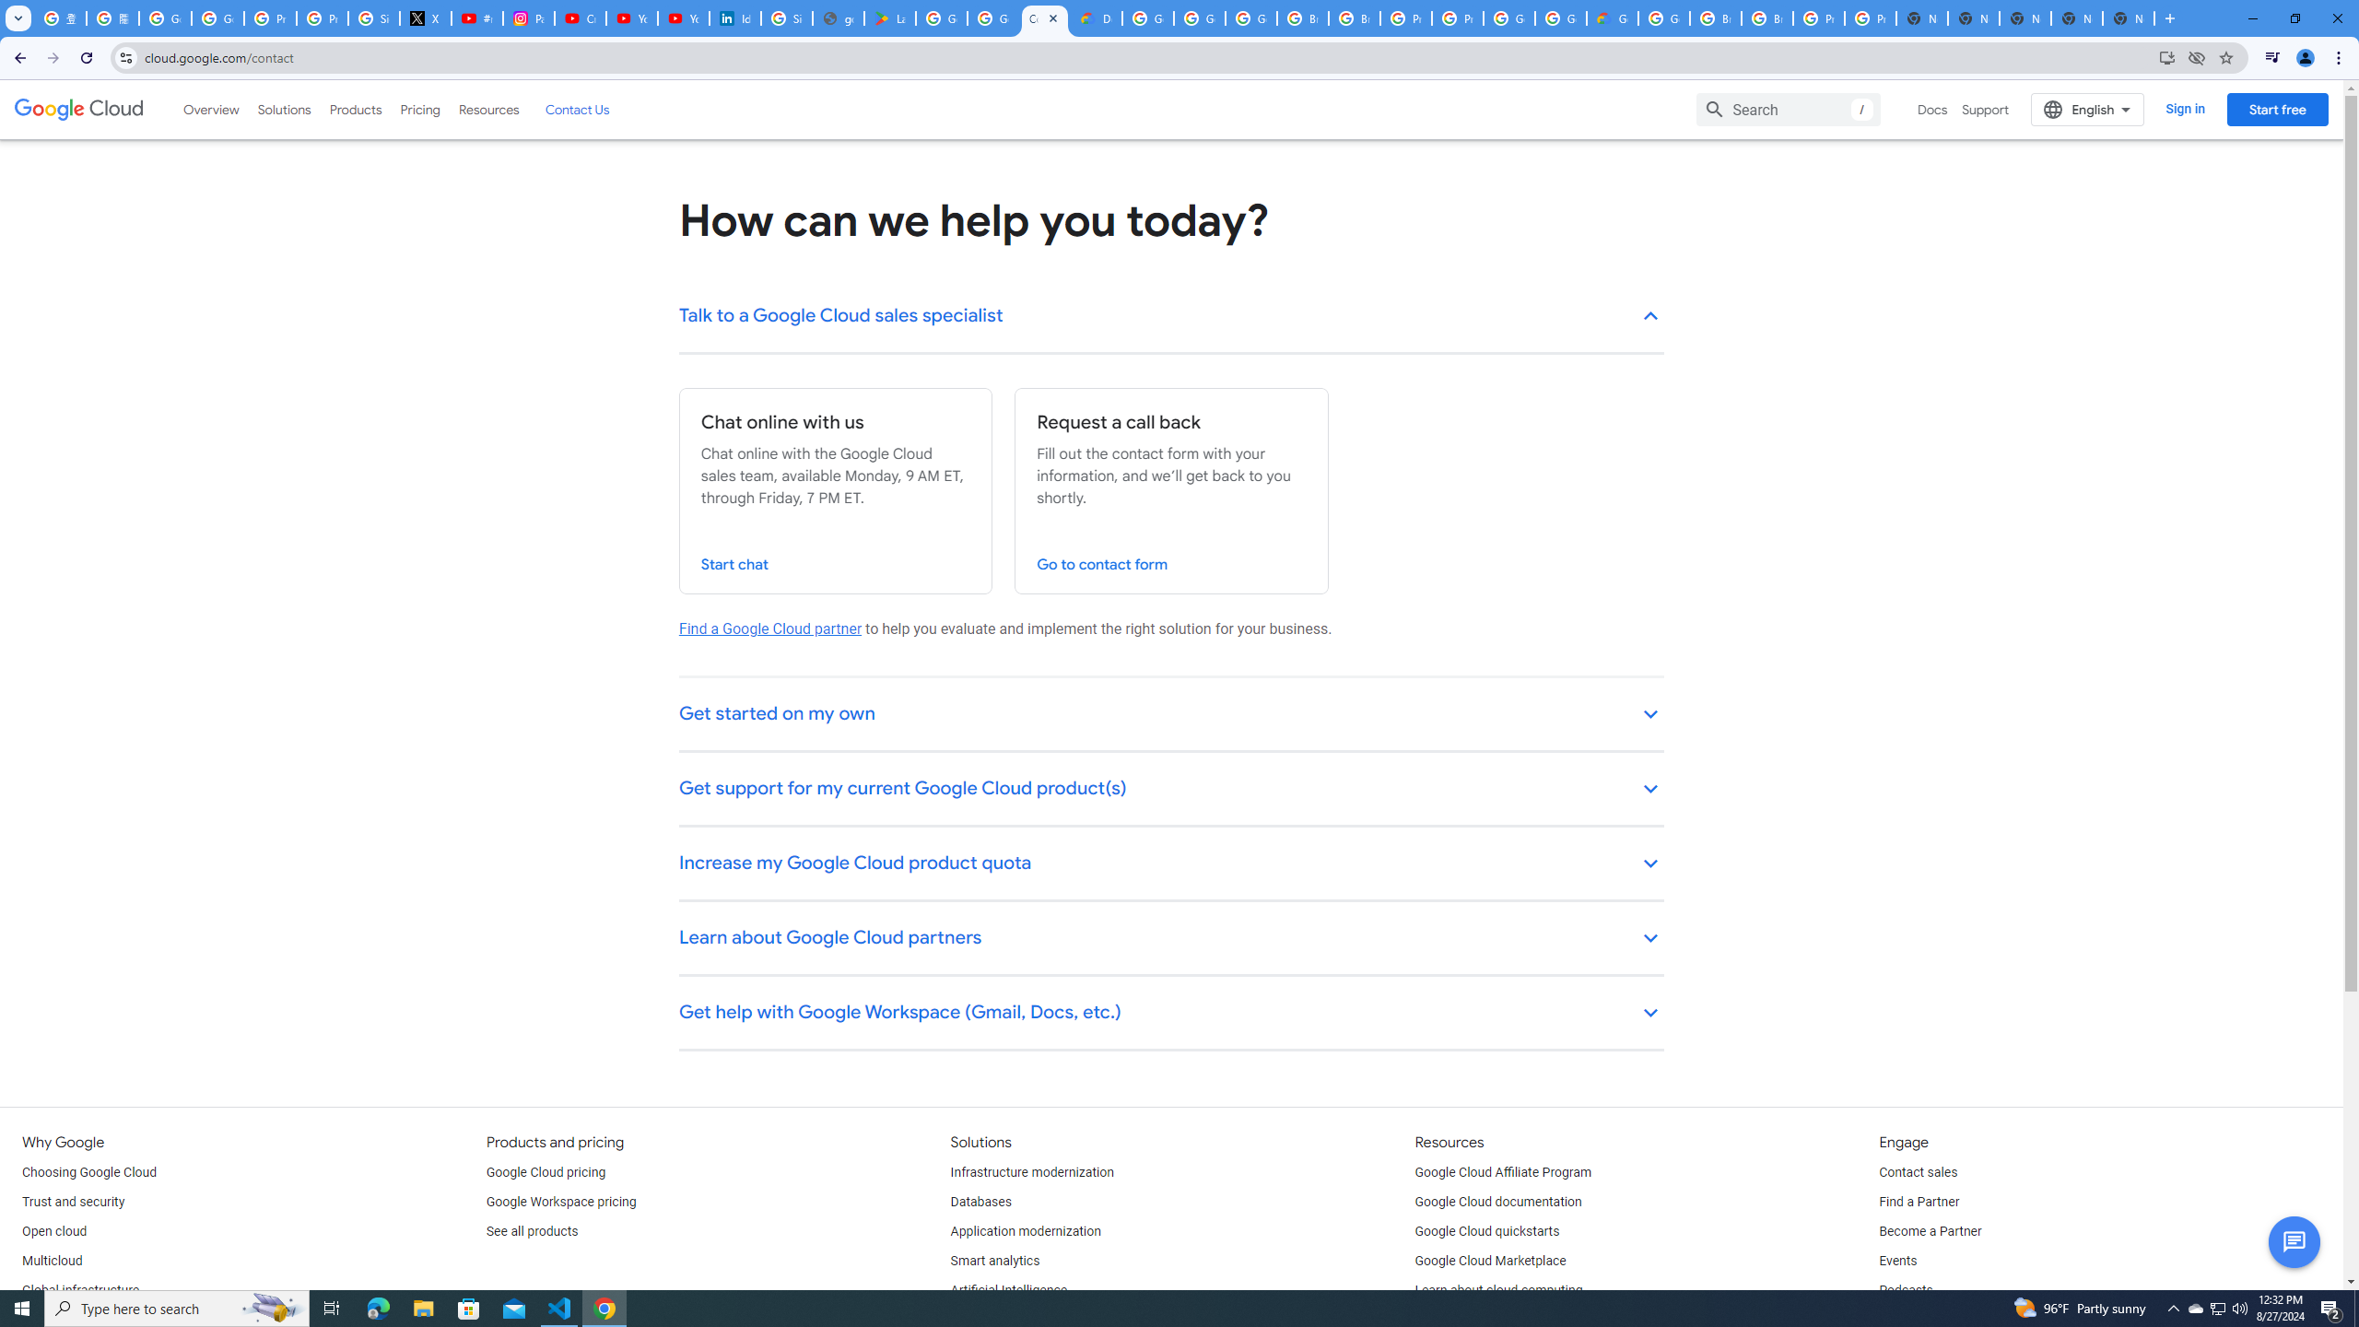 The height and width of the screenshot is (1327, 2359). I want to click on 'Google Cloud Platform', so click(1508, 18).